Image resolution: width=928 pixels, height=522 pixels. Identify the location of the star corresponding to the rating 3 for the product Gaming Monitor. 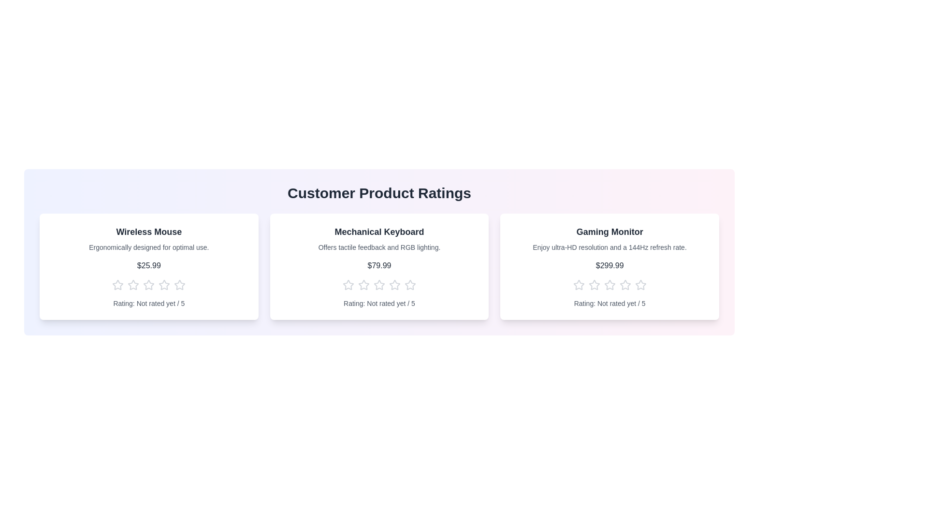
(609, 285).